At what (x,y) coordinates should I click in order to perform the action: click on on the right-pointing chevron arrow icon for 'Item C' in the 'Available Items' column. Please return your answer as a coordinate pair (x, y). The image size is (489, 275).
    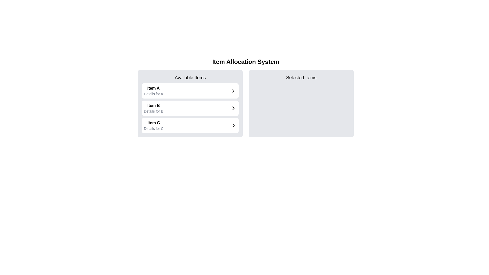
    Looking at the image, I should click on (233, 126).